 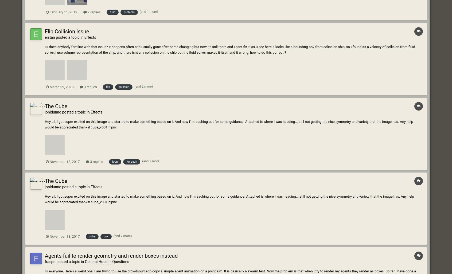 What do you see at coordinates (49, 261) in the screenshot?
I see `'fraspo'` at bounding box center [49, 261].